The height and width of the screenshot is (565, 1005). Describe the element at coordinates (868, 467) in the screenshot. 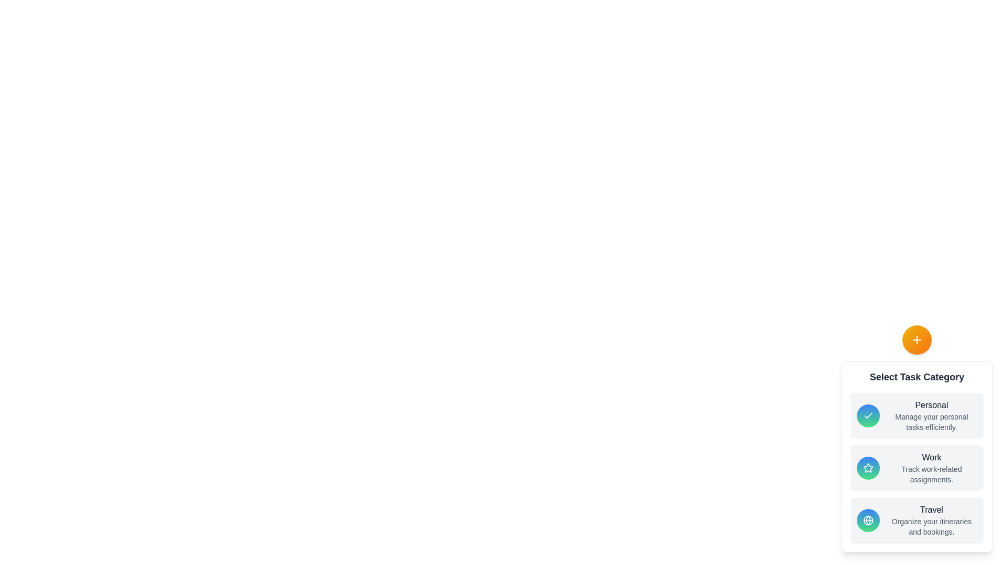

I see `the icon for Work to interact with it` at that location.